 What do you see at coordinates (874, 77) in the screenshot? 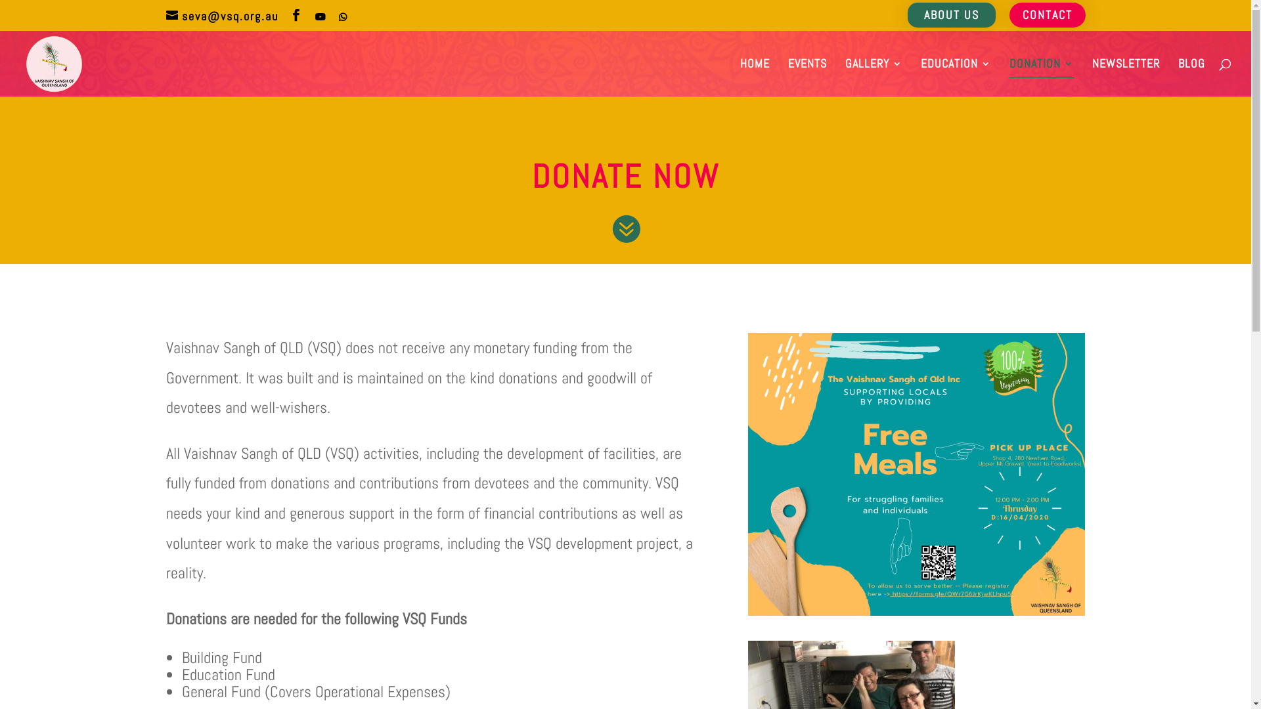
I see `'GALLERY'` at bounding box center [874, 77].